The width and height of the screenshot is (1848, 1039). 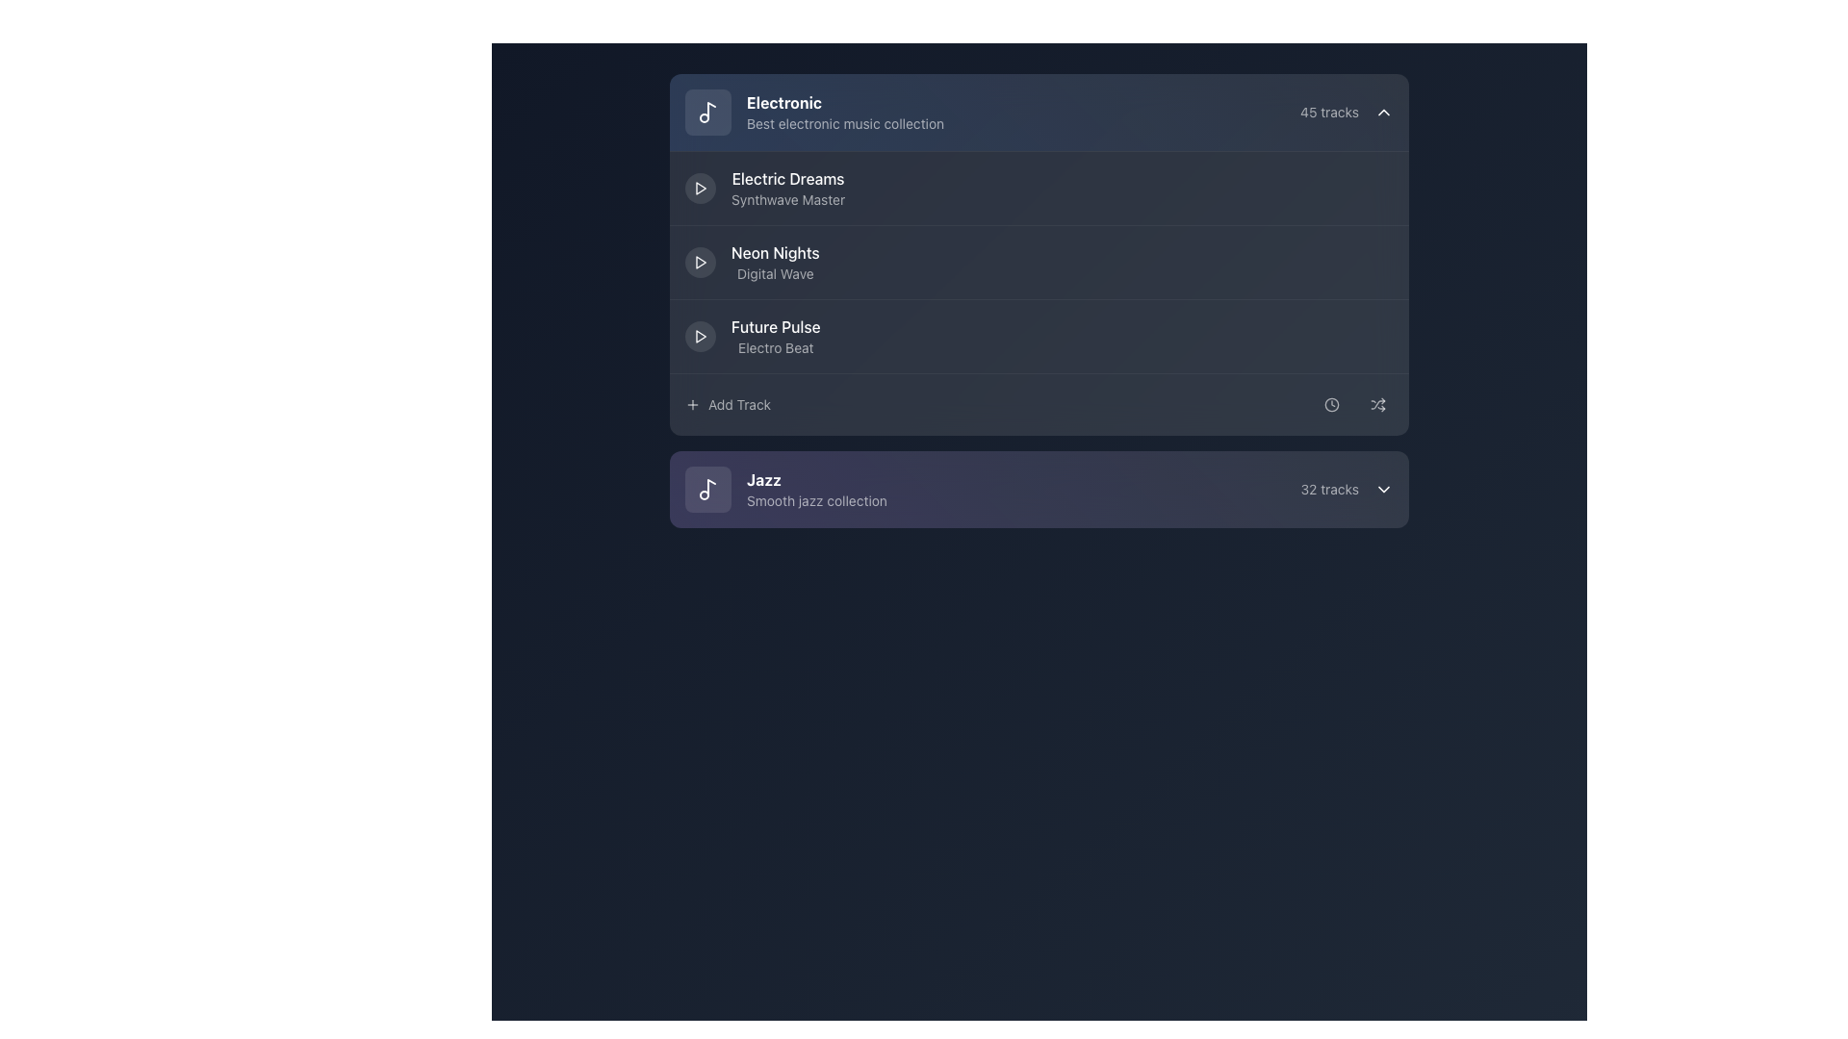 I want to click on the circular play button with a faint white triangle icon to play the track 'Future Pulse' from the 'Electronic' music collection, so click(x=700, y=336).